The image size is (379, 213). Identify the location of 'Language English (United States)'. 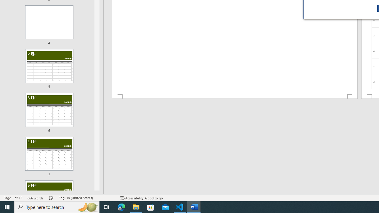
(86, 198).